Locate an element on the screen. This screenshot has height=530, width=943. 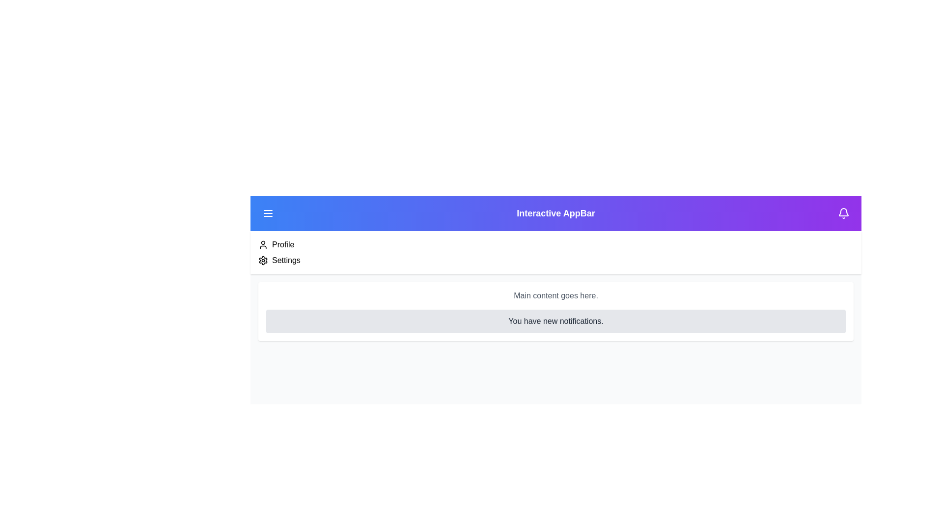
the bell button in the header to toggle the notifications display is located at coordinates (843, 213).